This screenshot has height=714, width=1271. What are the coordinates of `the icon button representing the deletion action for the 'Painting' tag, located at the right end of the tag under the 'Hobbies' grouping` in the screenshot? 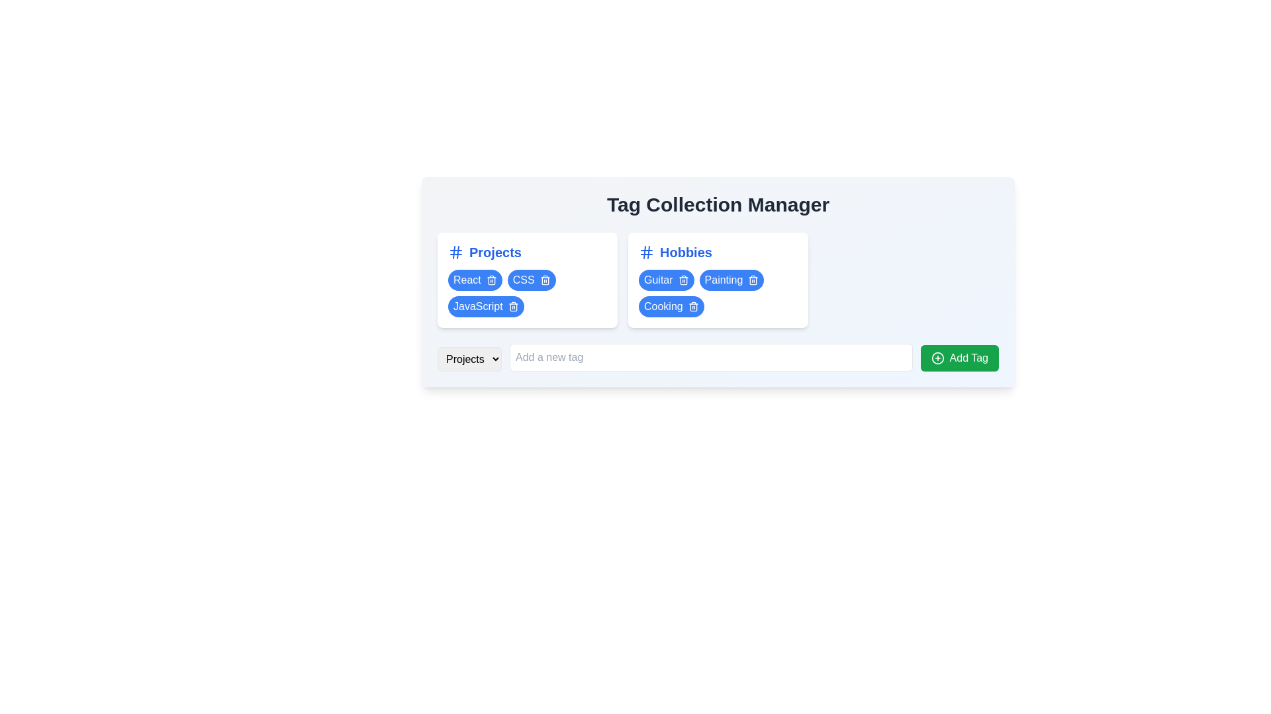 It's located at (753, 280).